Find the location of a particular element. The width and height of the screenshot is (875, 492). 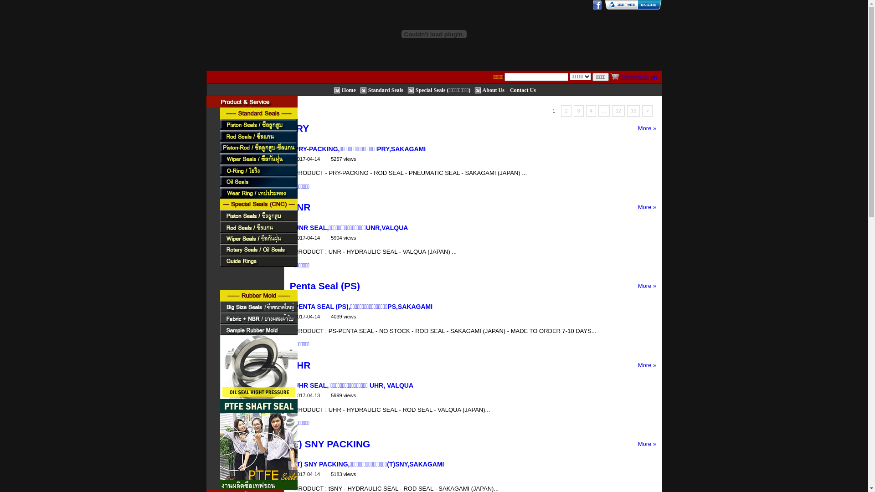

'UHR' is located at coordinates (300, 364).